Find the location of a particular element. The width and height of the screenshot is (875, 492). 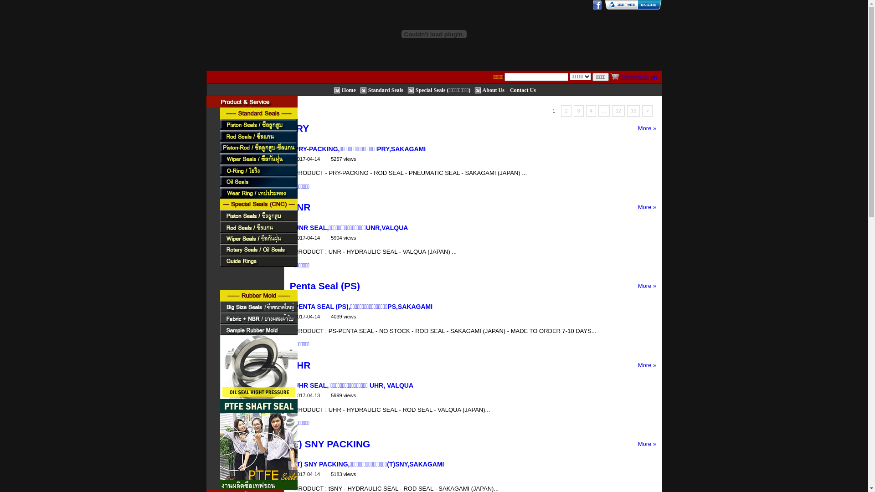

'UHR' is located at coordinates (300, 364).